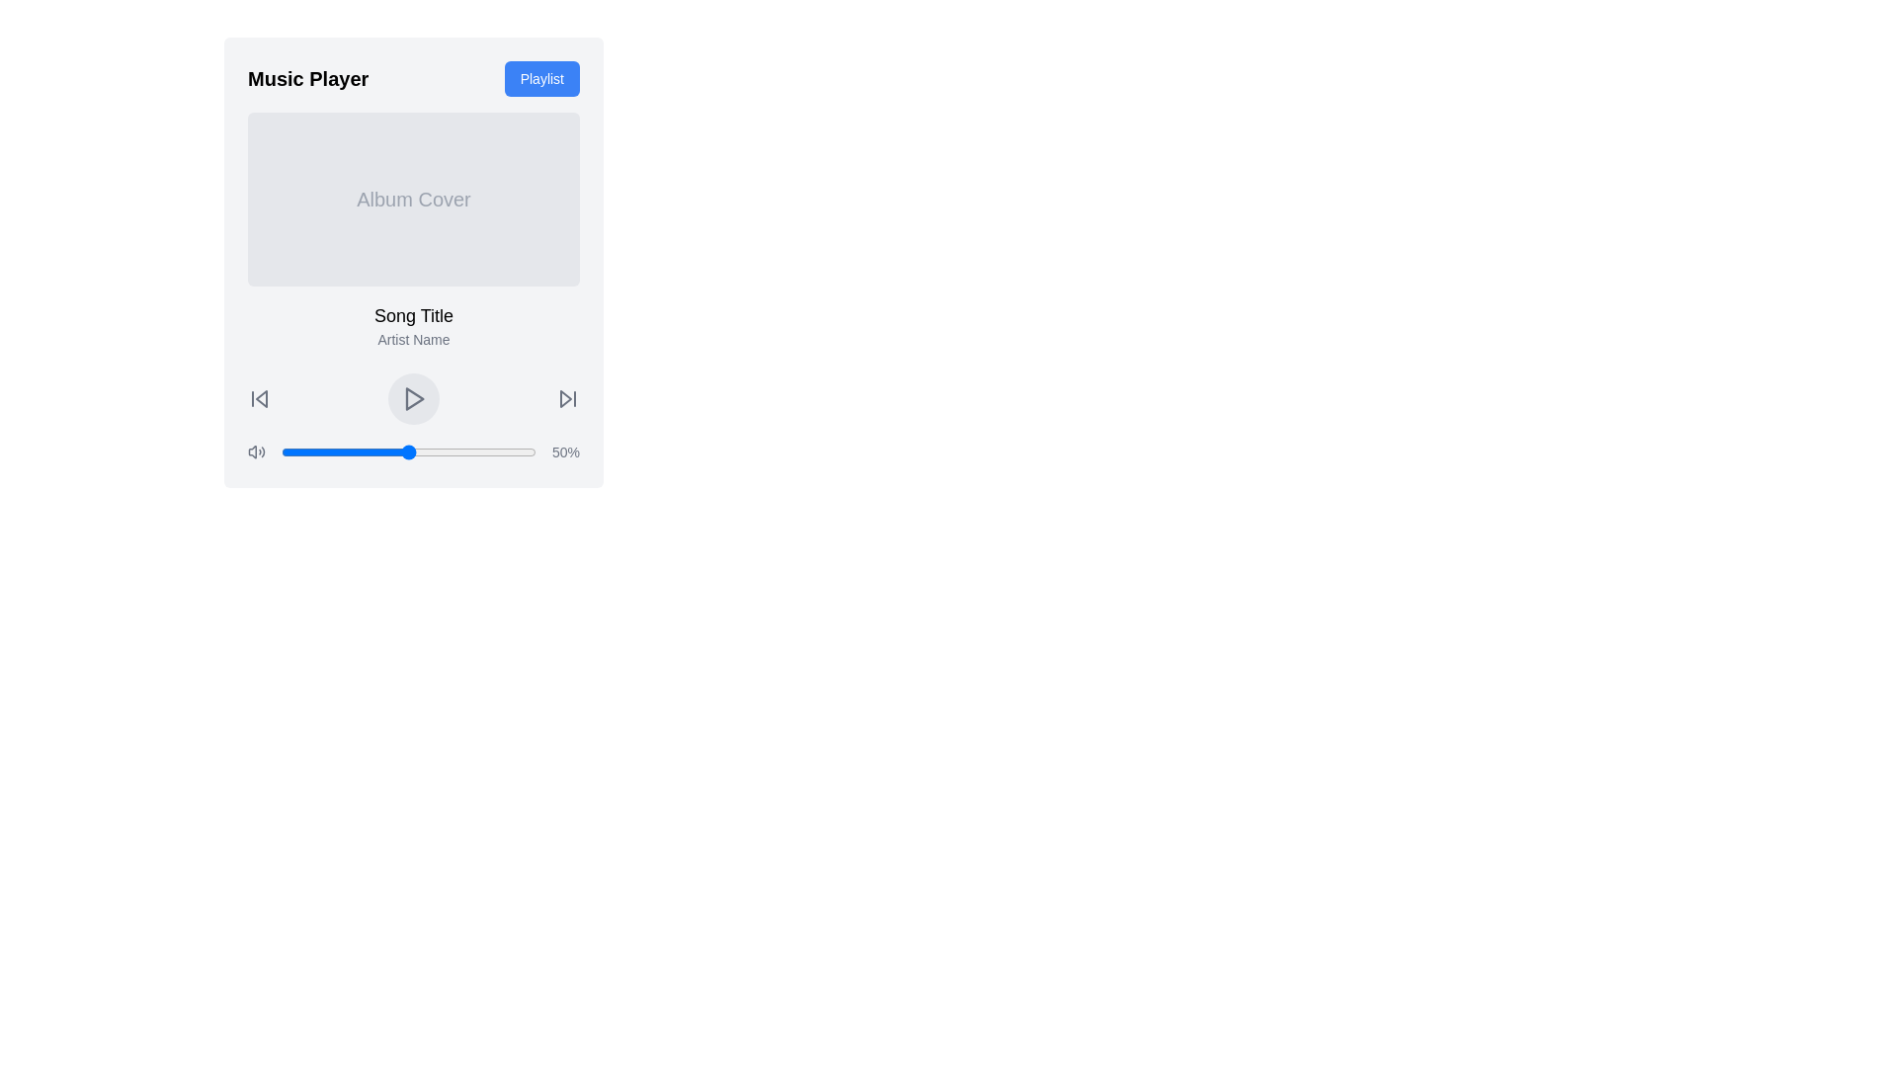 The image size is (1897, 1067). Describe the element at coordinates (412, 315) in the screenshot. I see `the text label displaying 'Song Title' that is prominently located near the upper-middle section of the media player interface` at that location.